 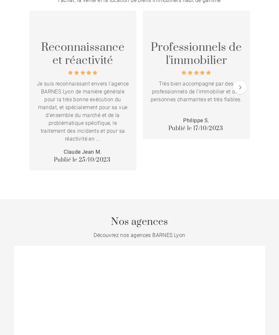 I want to click on 'Nos agences', so click(x=139, y=221).